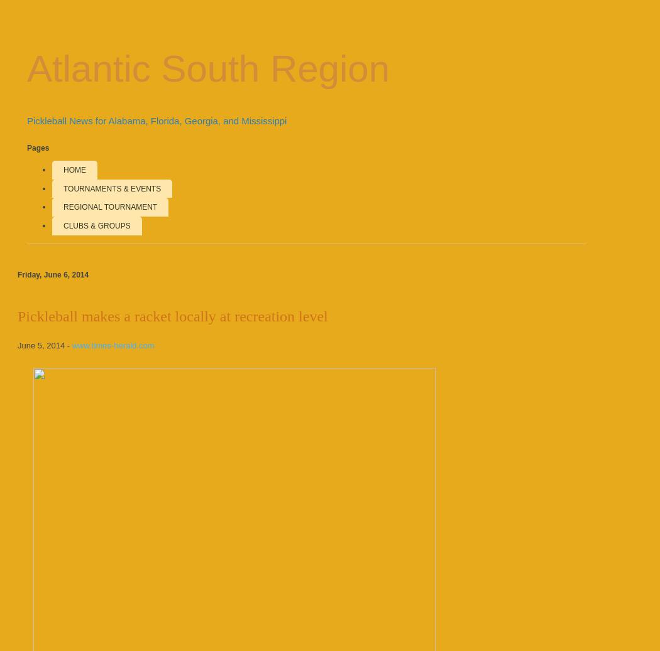  What do you see at coordinates (208, 68) in the screenshot?
I see `'Atlantic South Region'` at bounding box center [208, 68].